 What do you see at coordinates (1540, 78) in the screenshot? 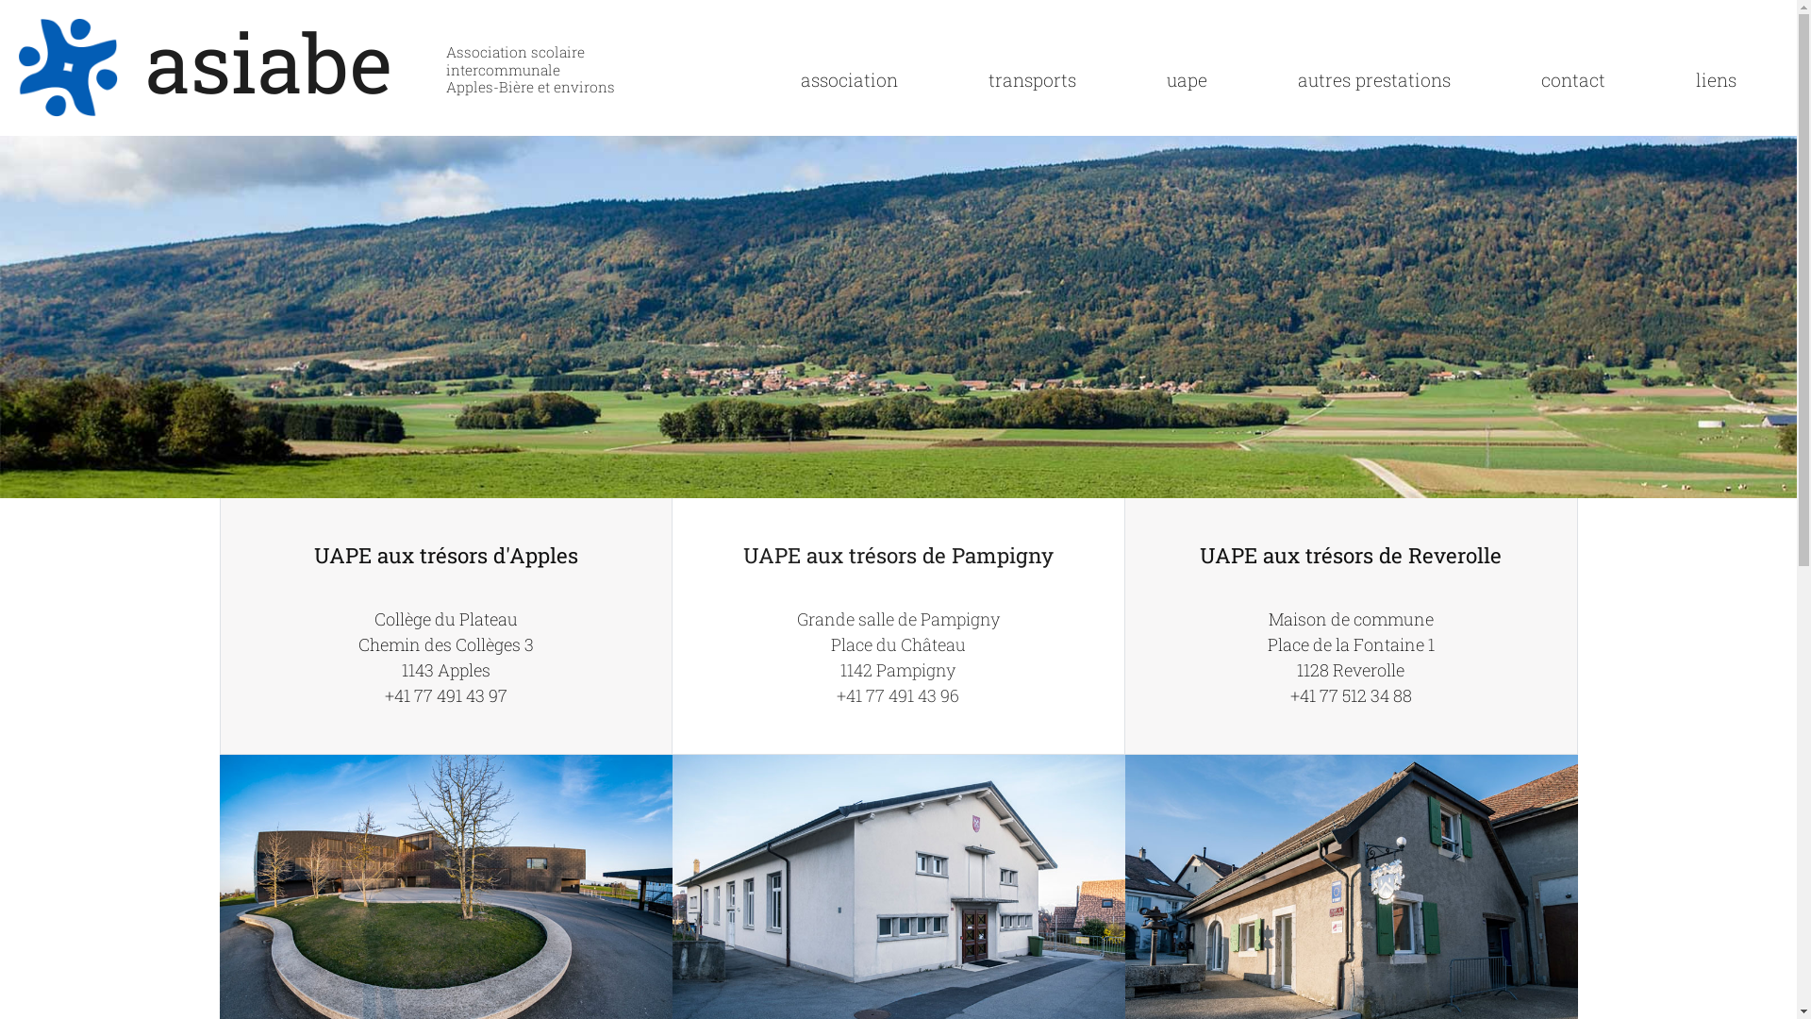
I see `'contact'` at bounding box center [1540, 78].